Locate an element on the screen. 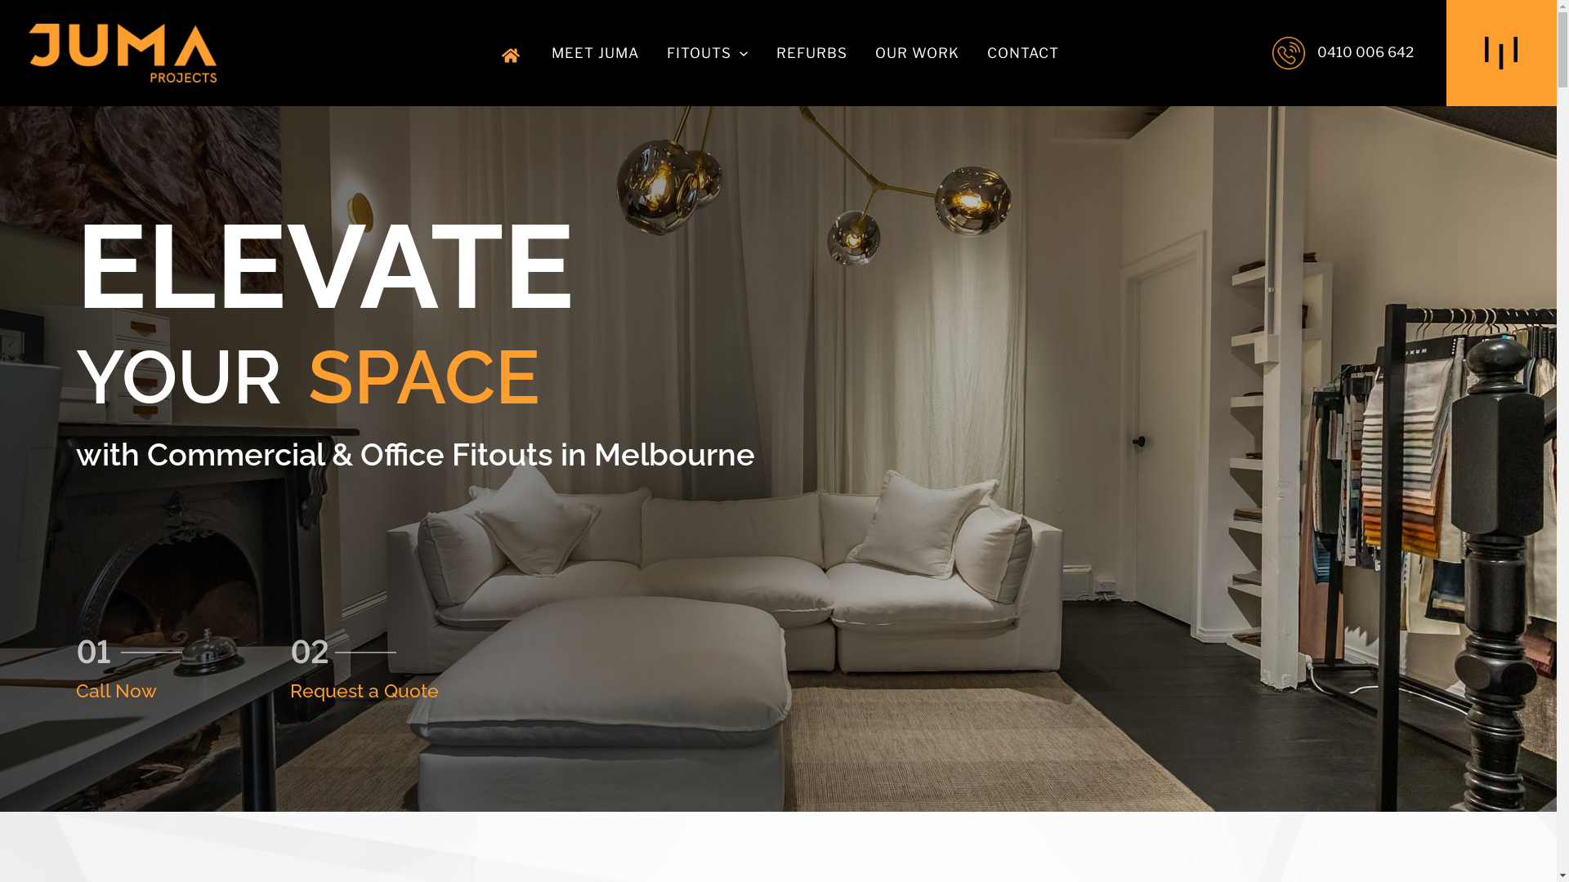  'REFURBS' is located at coordinates (811, 52).